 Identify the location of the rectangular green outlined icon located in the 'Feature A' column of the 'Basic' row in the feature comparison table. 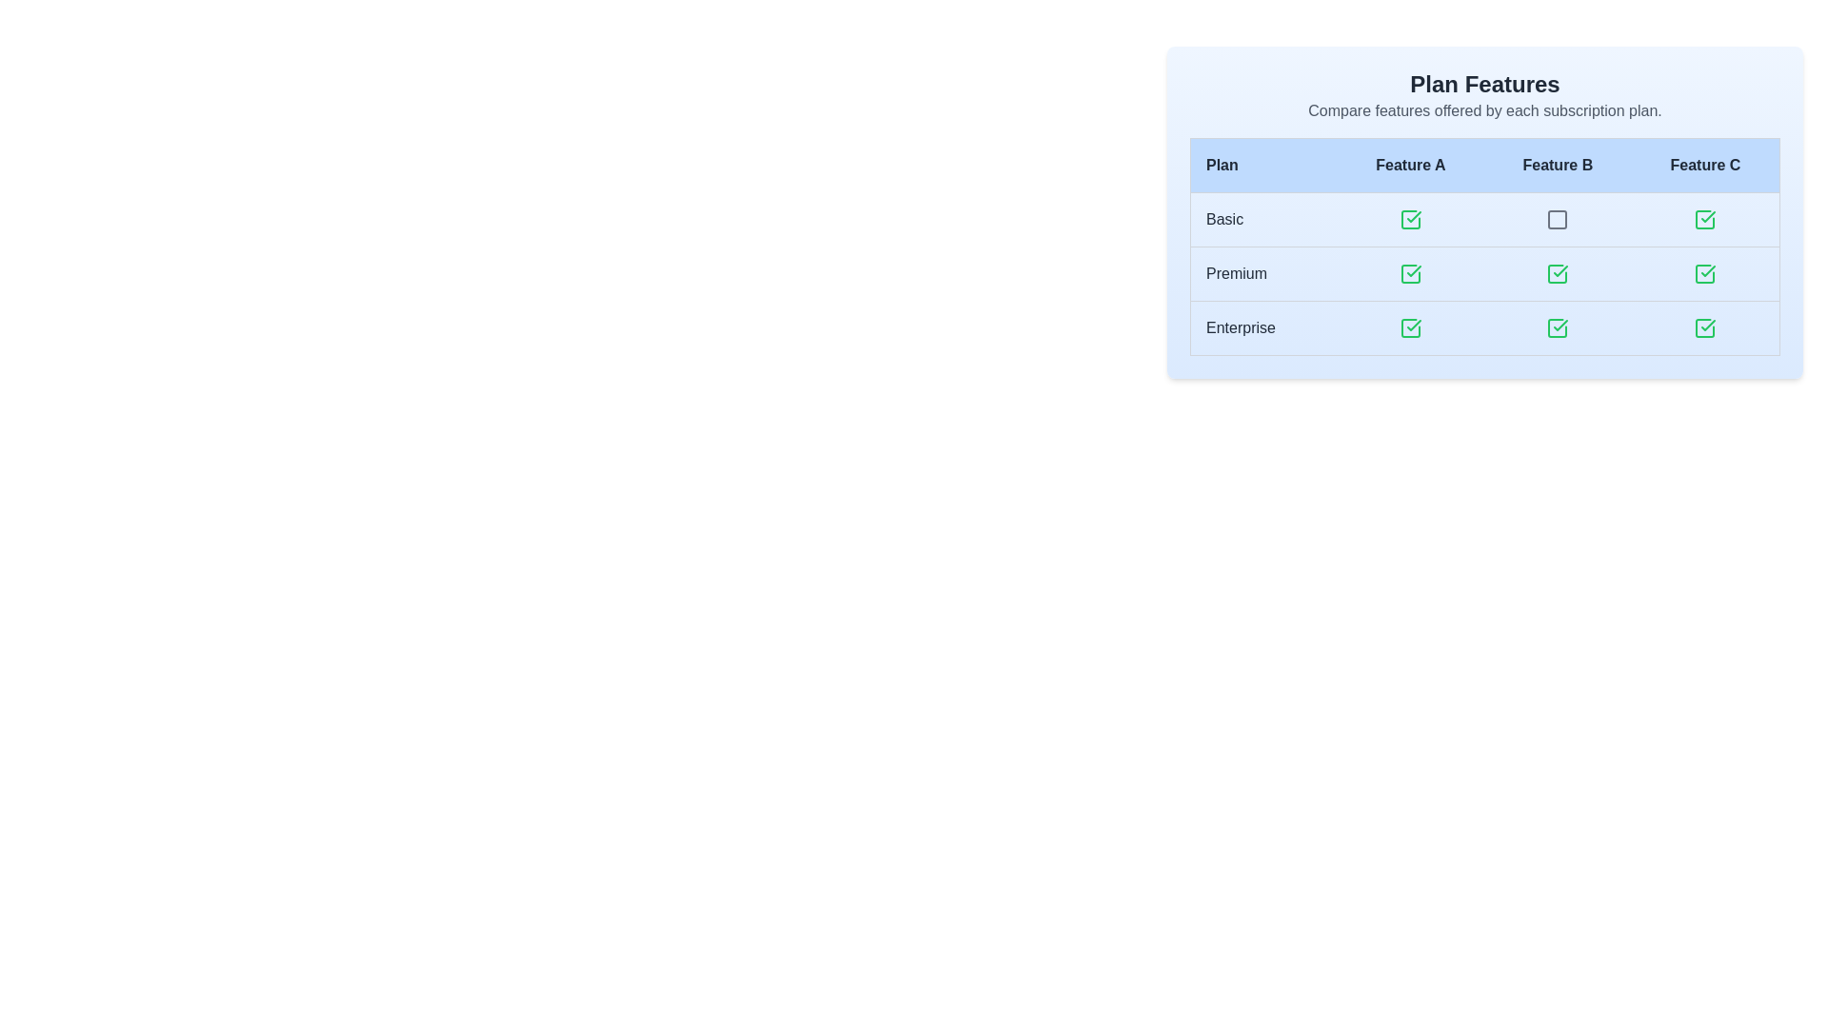
(1410, 219).